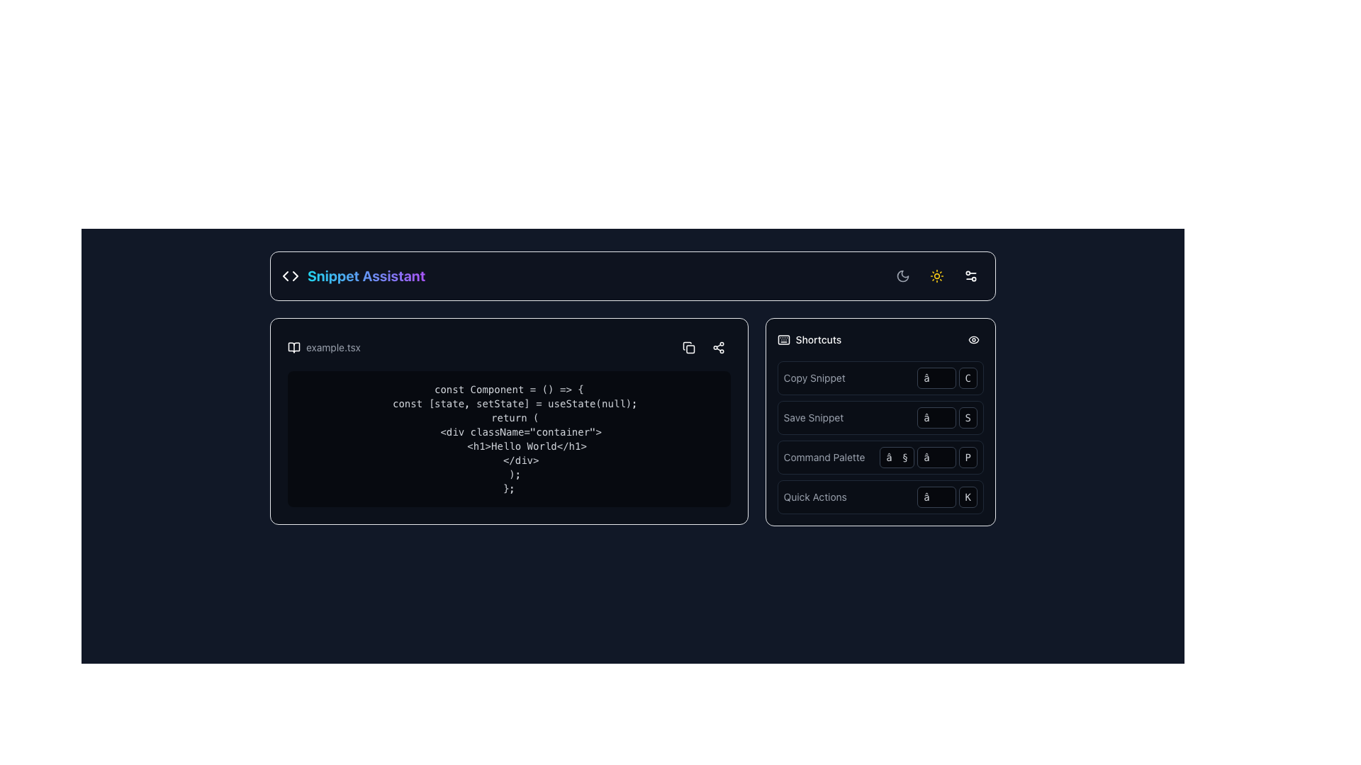 This screenshot has width=1361, height=765. I want to click on the hover changes on the small rectangular button with a dark background and white 'S' text, which is the second button in a horizontal layout, so click(967, 417).